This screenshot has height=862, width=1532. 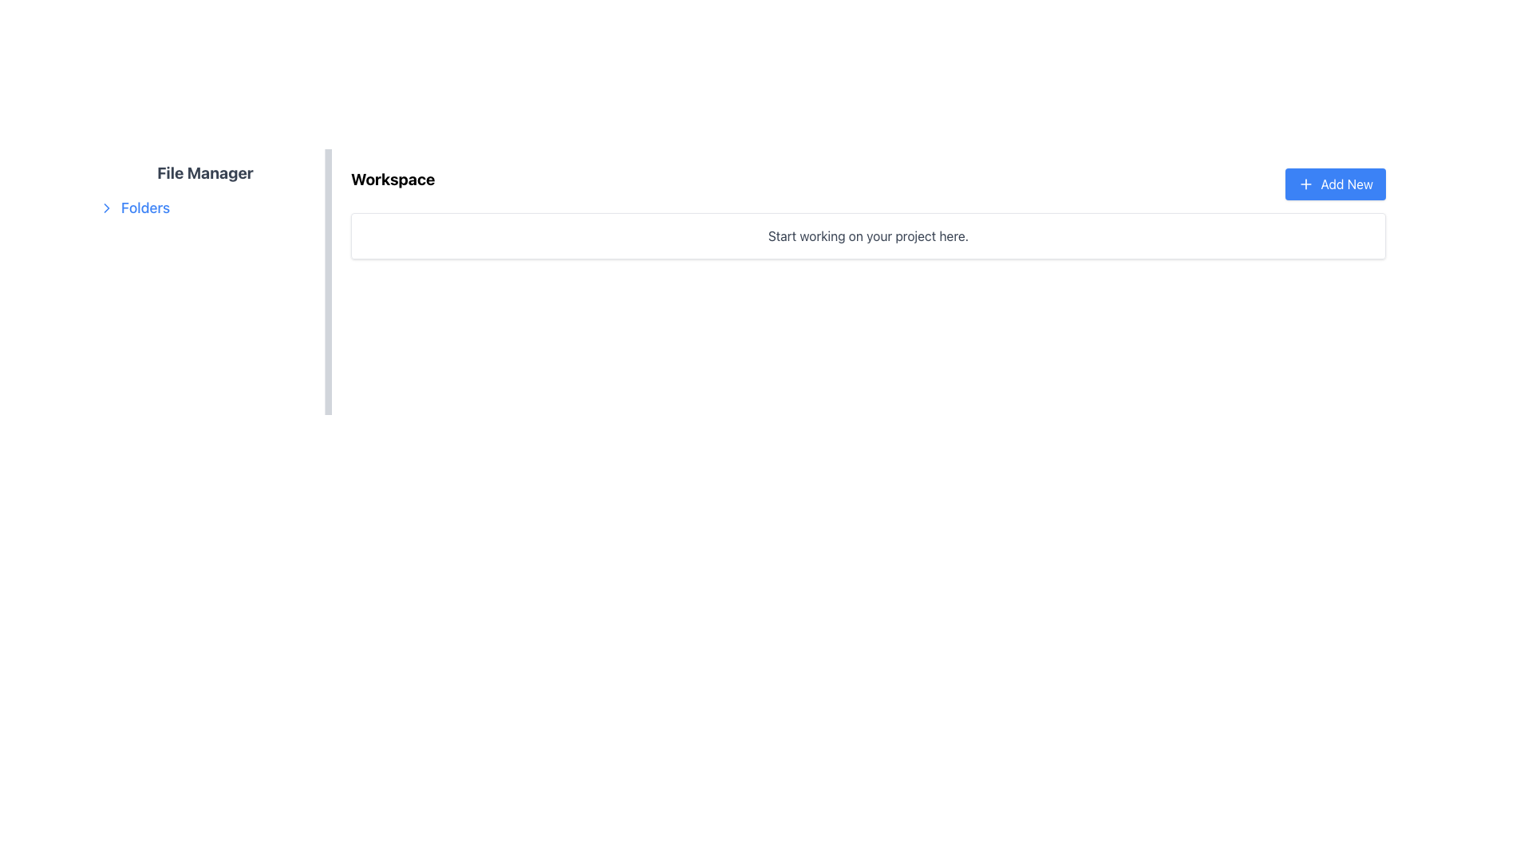 I want to click on instructional text block located centrally beneath the 'Workspace' header and 'Add New' button, so click(x=867, y=236).